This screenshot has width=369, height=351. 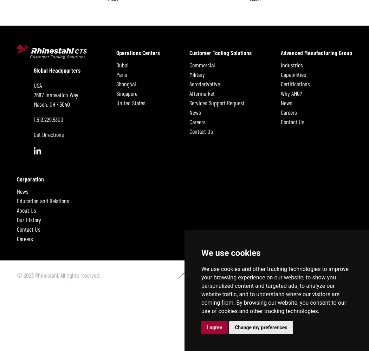 I want to click on 'About Us', so click(x=26, y=210).